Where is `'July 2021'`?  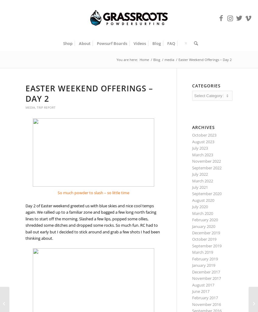
'July 2021' is located at coordinates (199, 186).